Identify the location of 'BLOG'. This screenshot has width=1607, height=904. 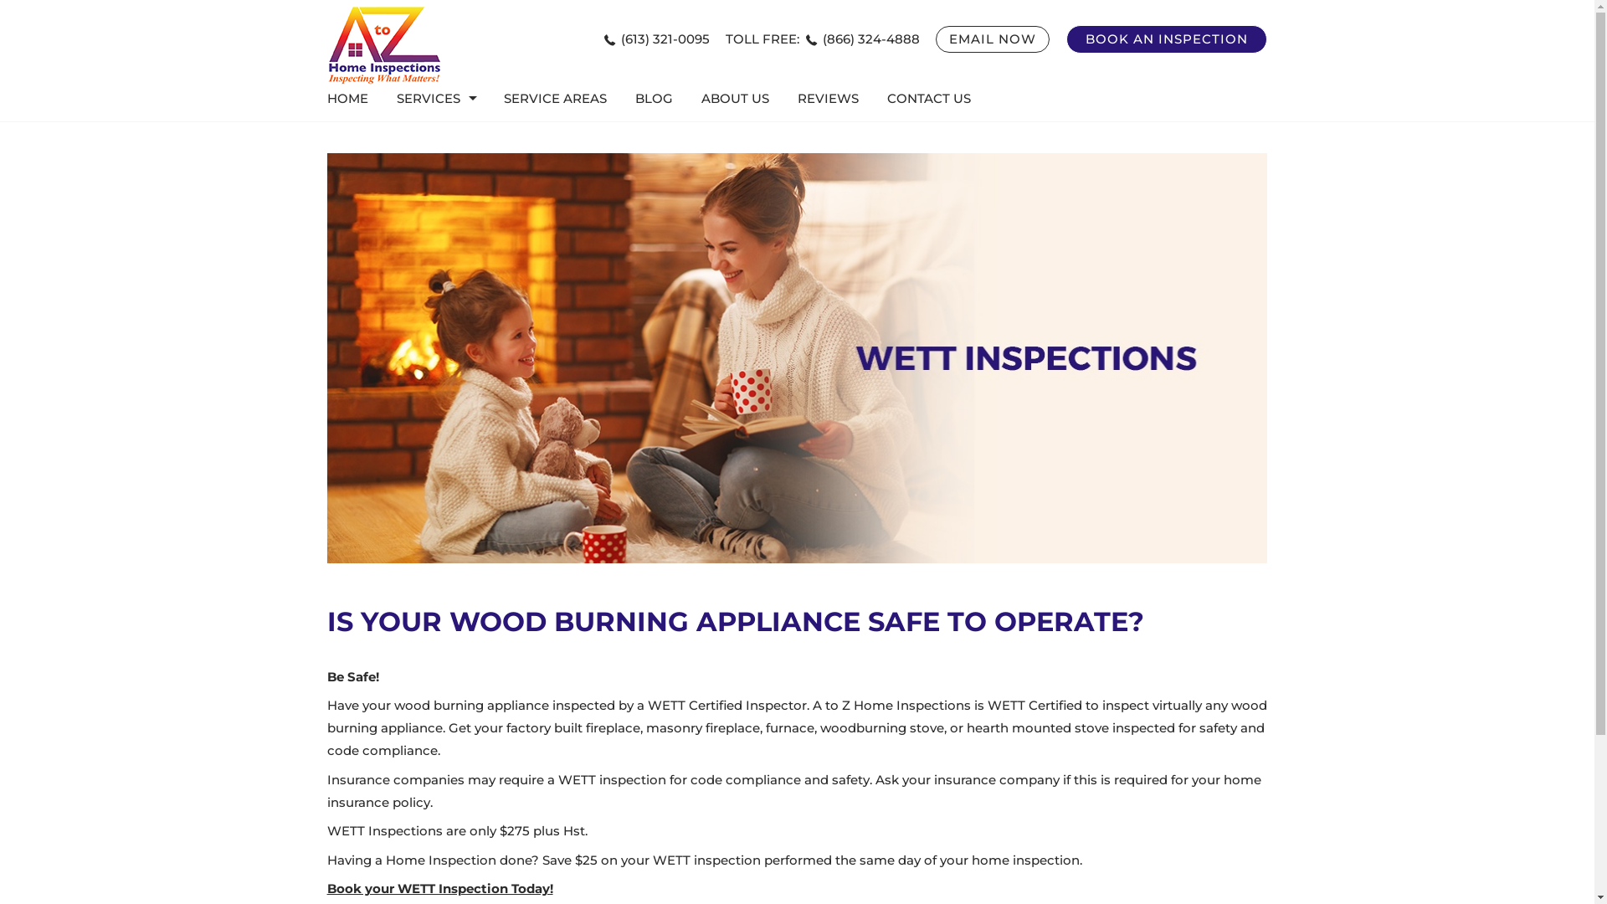
(620, 98).